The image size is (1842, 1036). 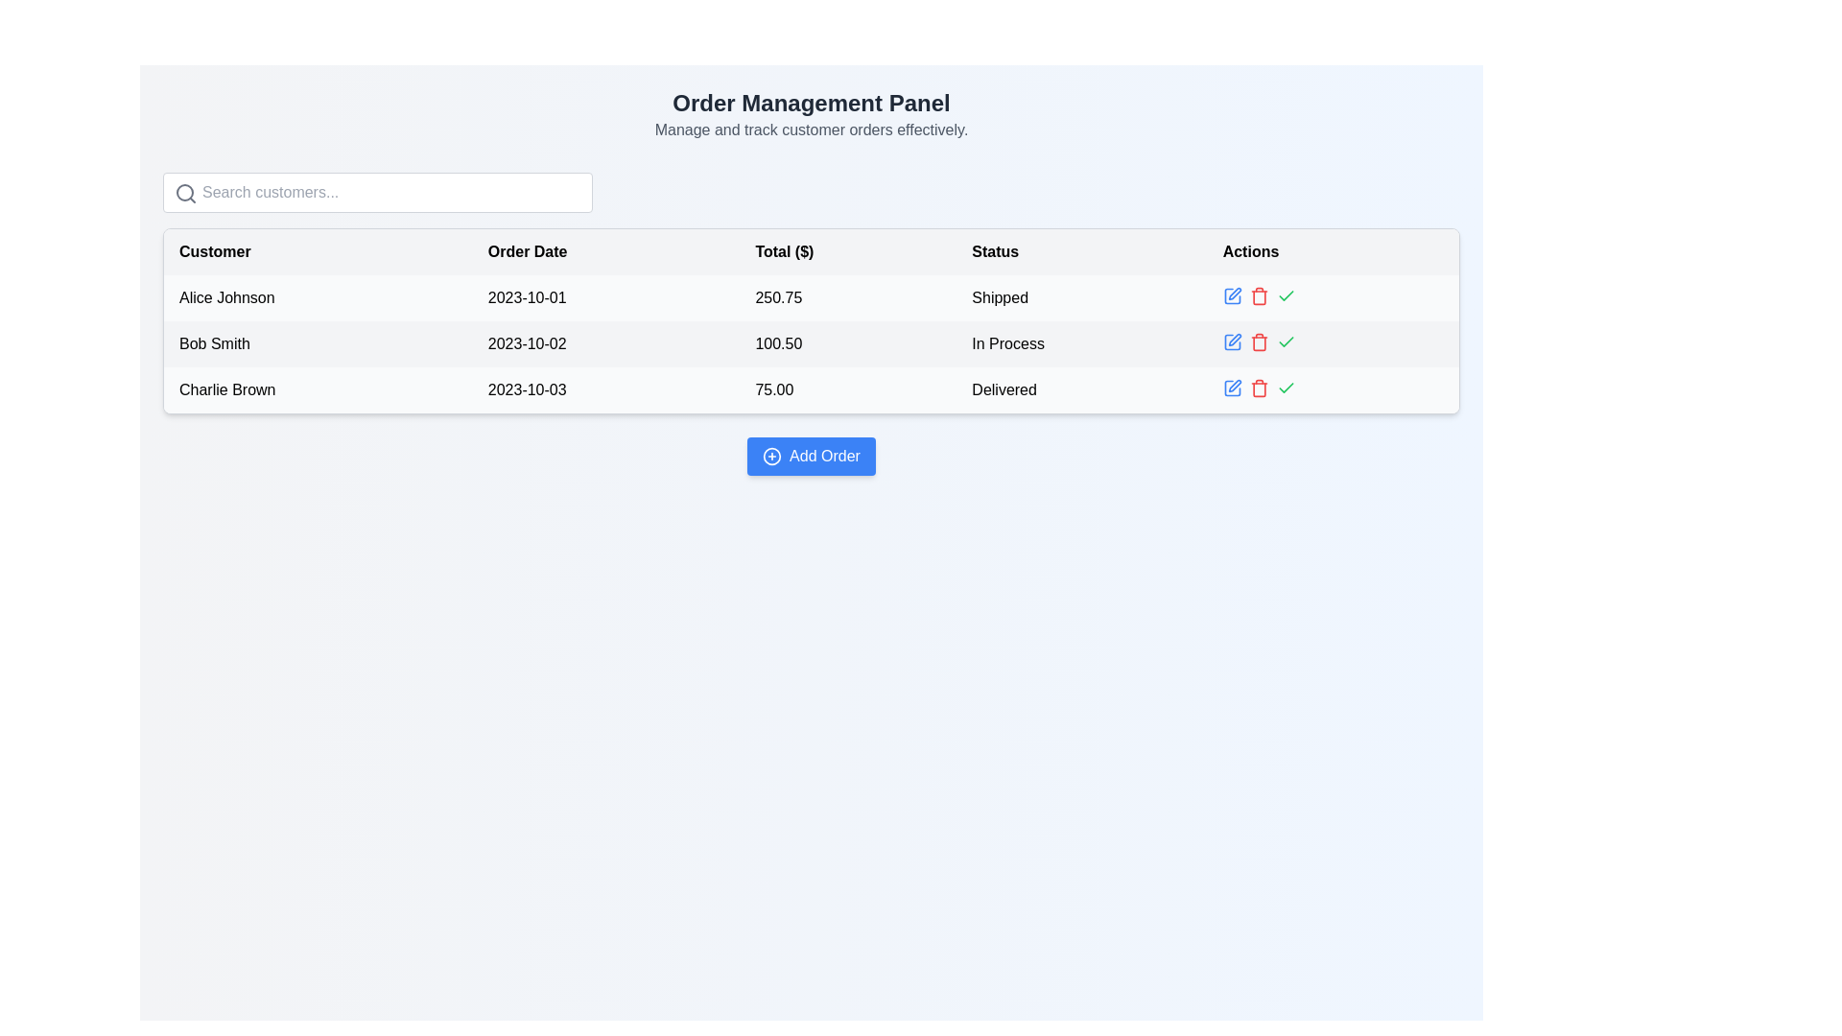 What do you see at coordinates (1235, 339) in the screenshot?
I see `the edit button located in the 'Actions' column of the second row in the data table` at bounding box center [1235, 339].